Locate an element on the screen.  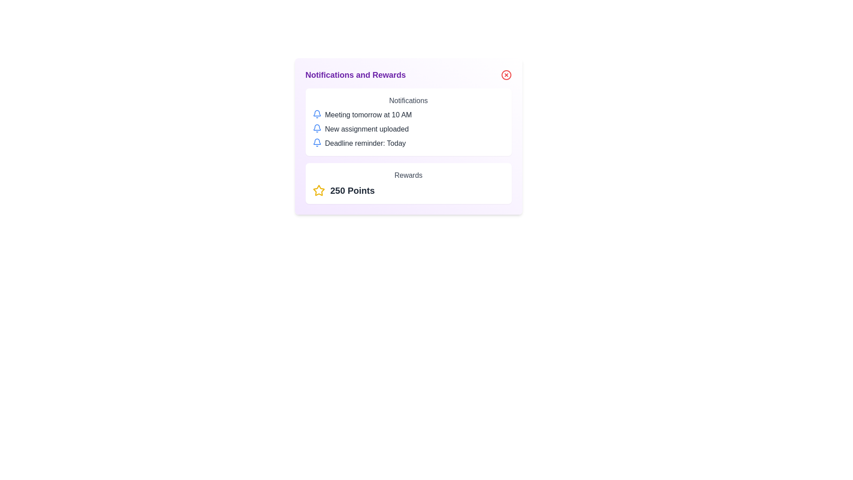
the yellow star icon with a hollow center that is part of the rewards section, located to the left of the text '250 Points' is located at coordinates (319, 190).